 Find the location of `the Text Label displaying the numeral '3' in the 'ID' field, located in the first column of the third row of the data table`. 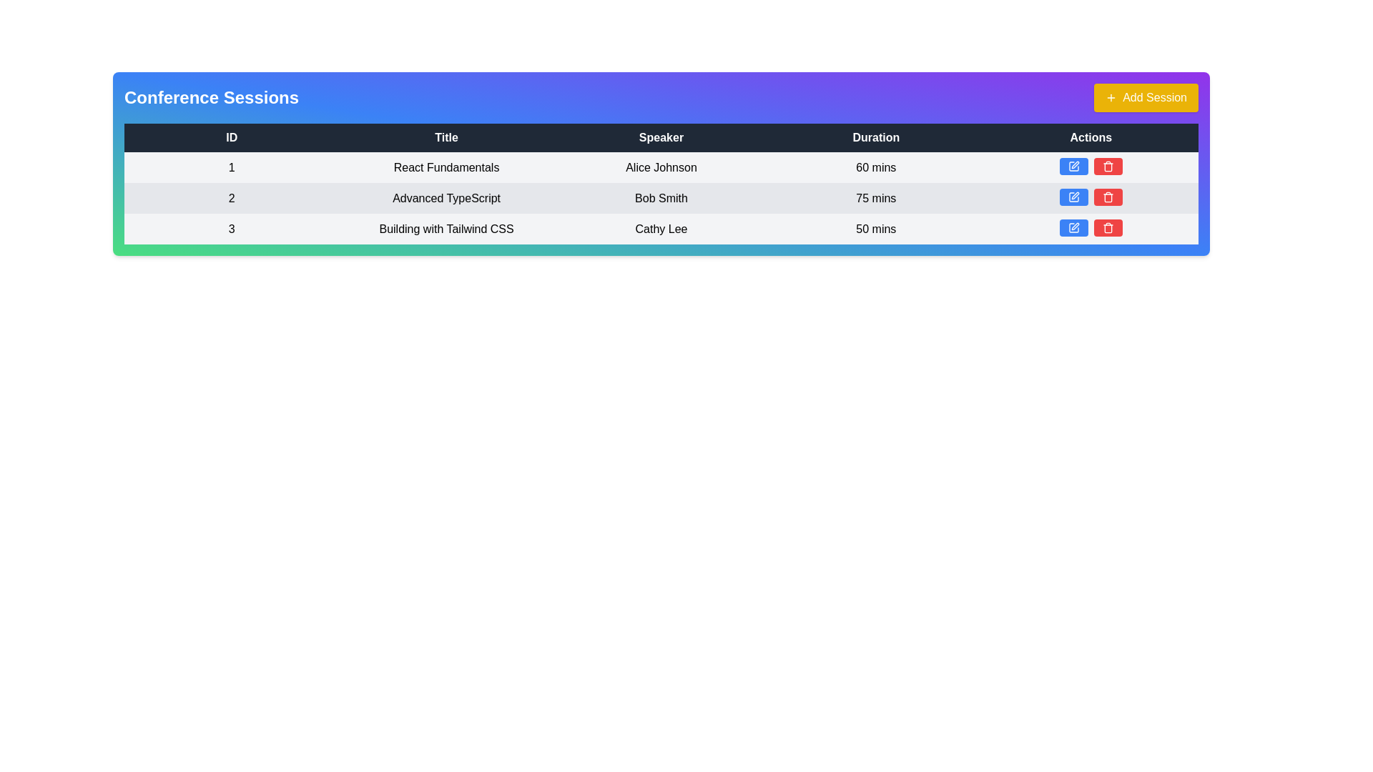

the Text Label displaying the numeral '3' in the 'ID' field, located in the first column of the third row of the data table is located at coordinates (232, 228).